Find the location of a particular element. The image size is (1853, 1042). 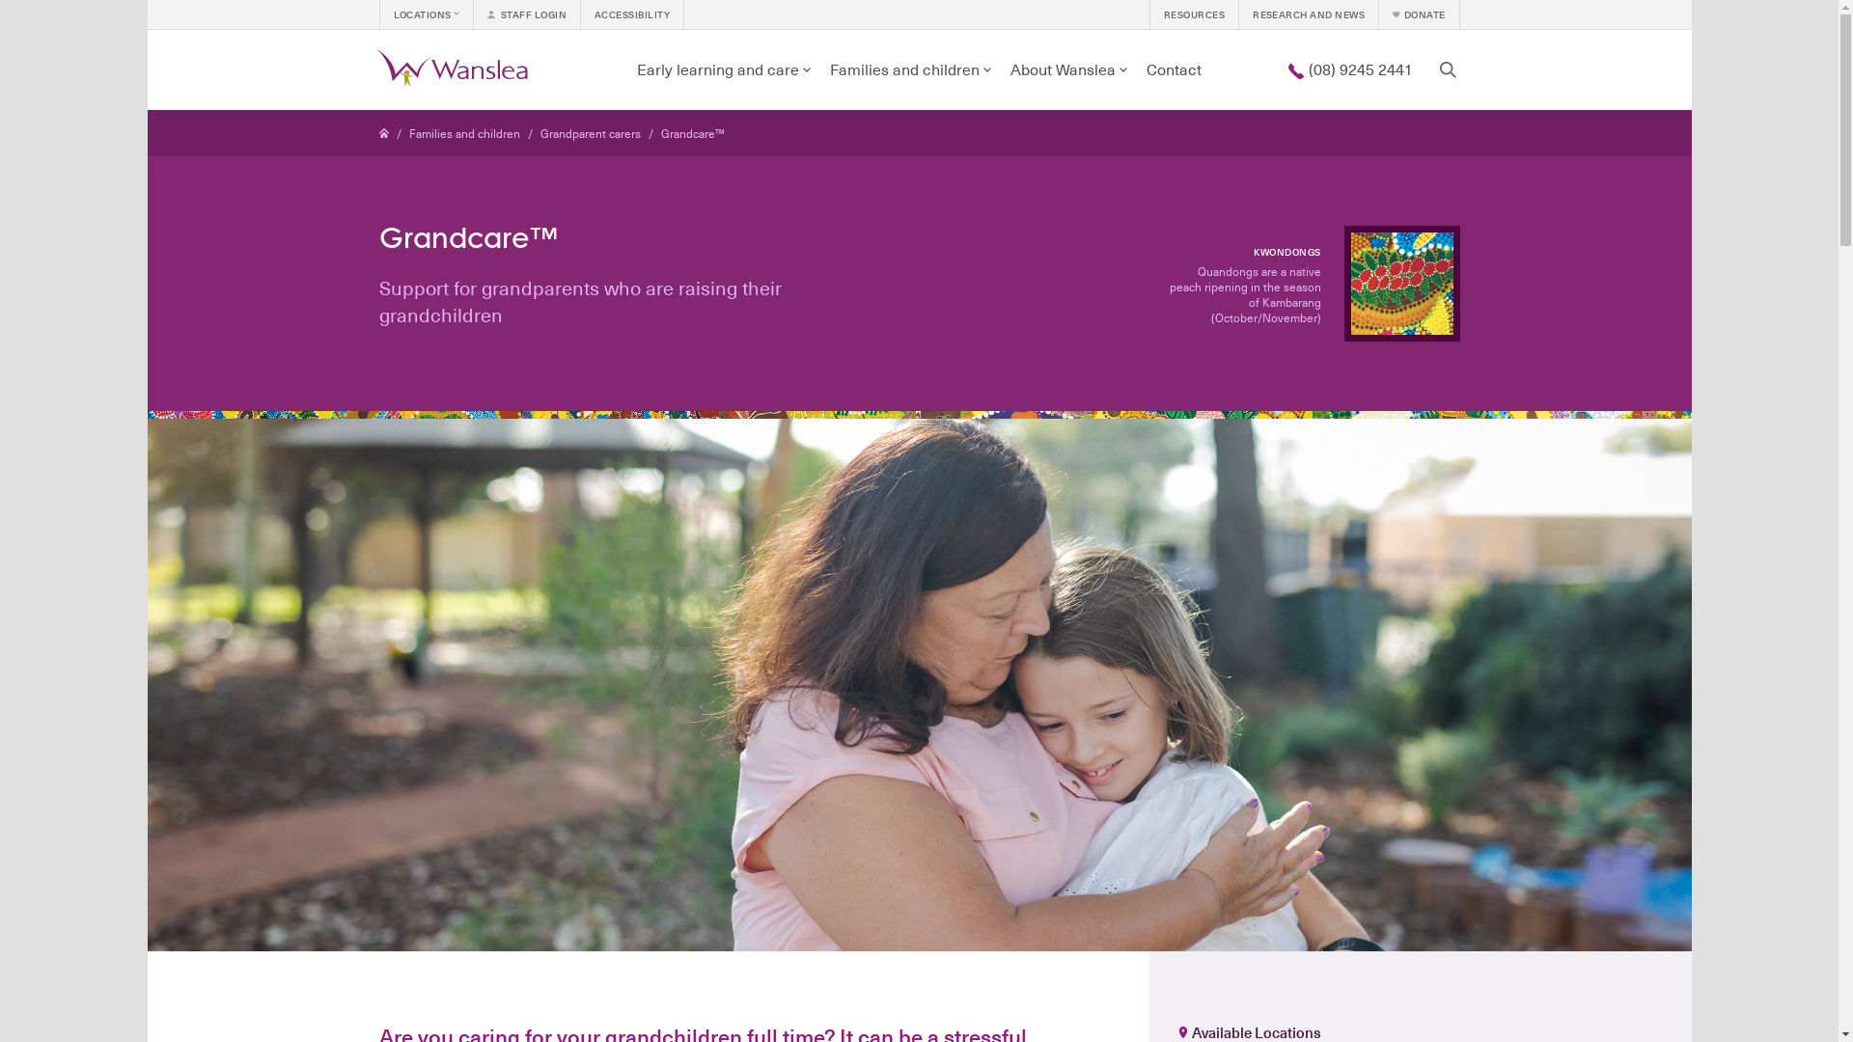

'Contact' is located at coordinates (1136, 69).